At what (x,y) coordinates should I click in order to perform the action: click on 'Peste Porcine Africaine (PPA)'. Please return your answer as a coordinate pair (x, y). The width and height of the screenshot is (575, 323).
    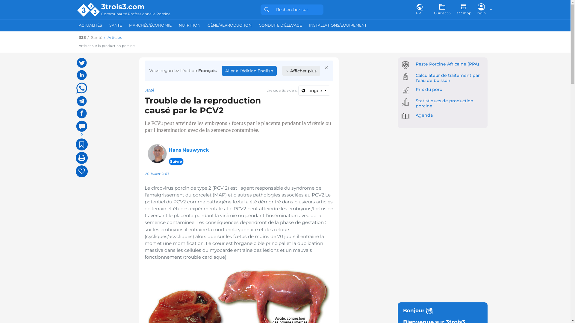
    Looking at the image, I should click on (447, 64).